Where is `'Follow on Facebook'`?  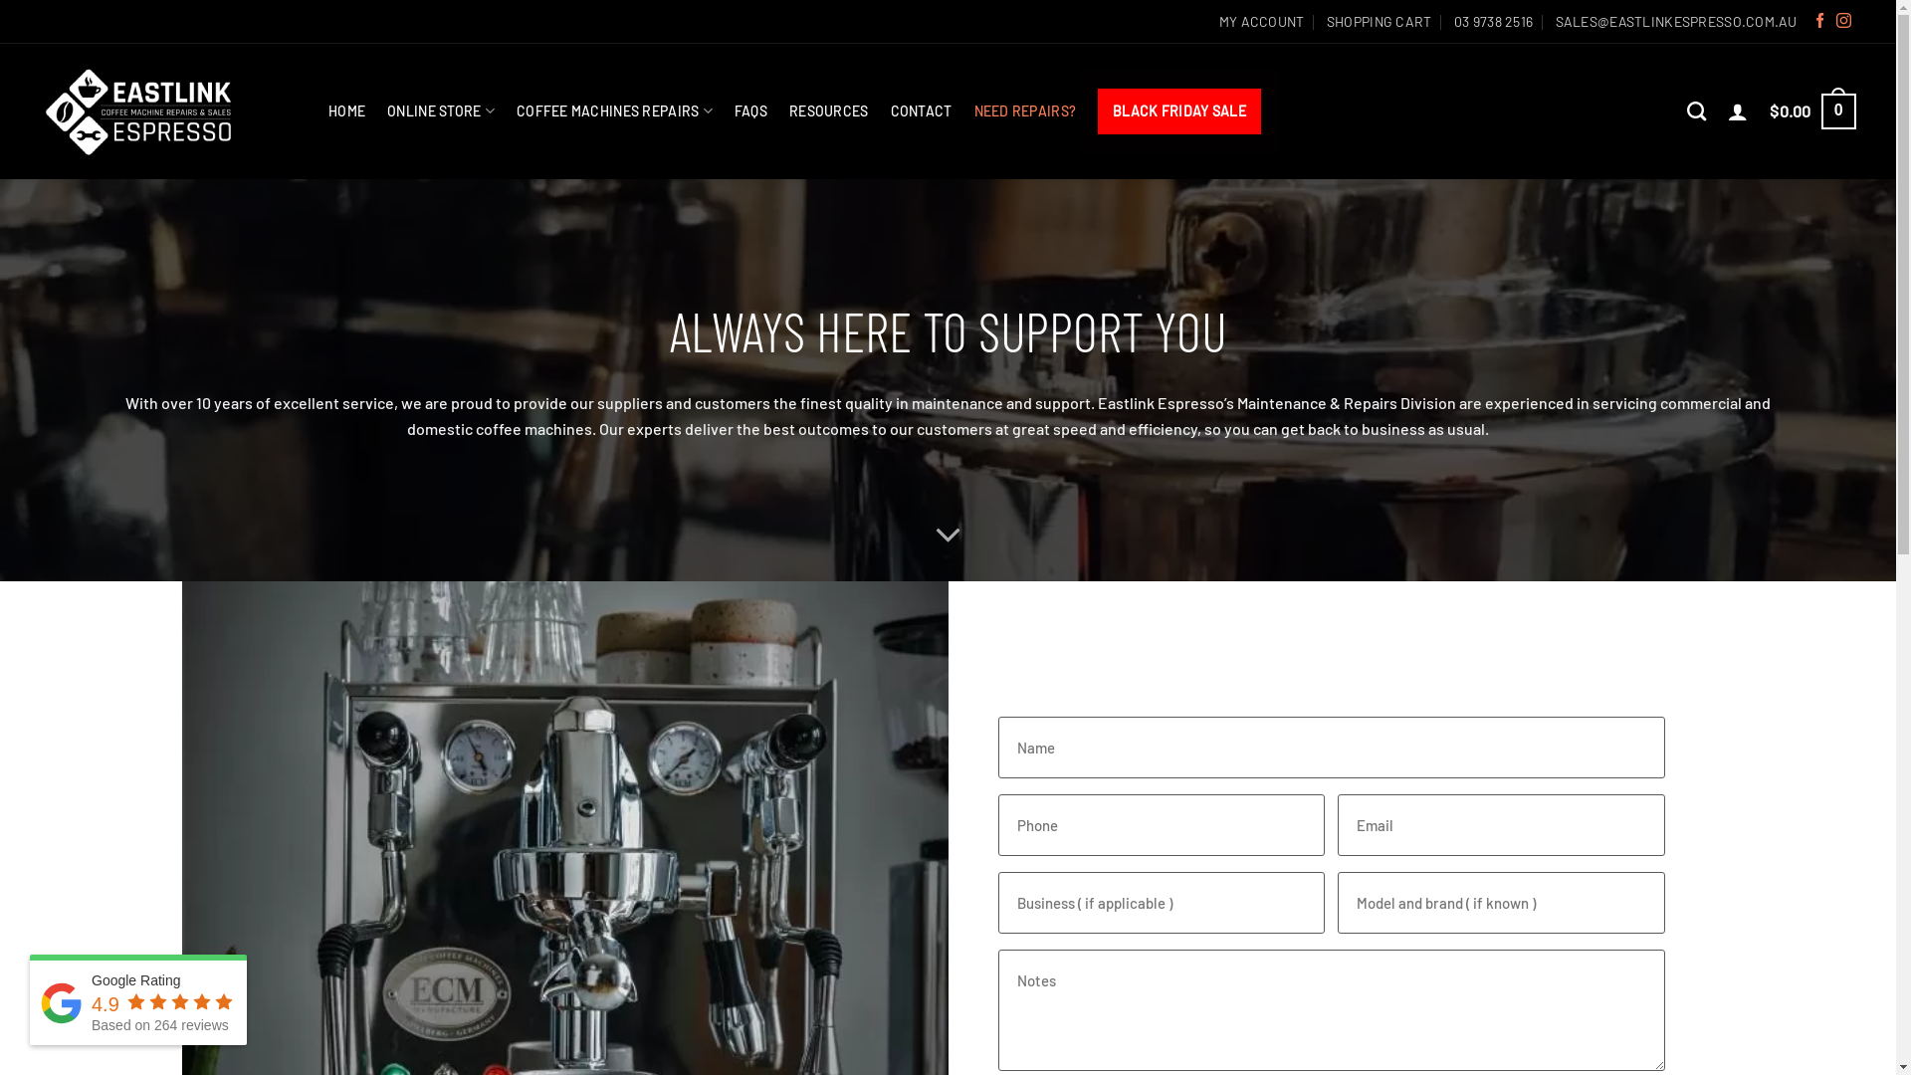
'Follow on Facebook' is located at coordinates (1819, 21).